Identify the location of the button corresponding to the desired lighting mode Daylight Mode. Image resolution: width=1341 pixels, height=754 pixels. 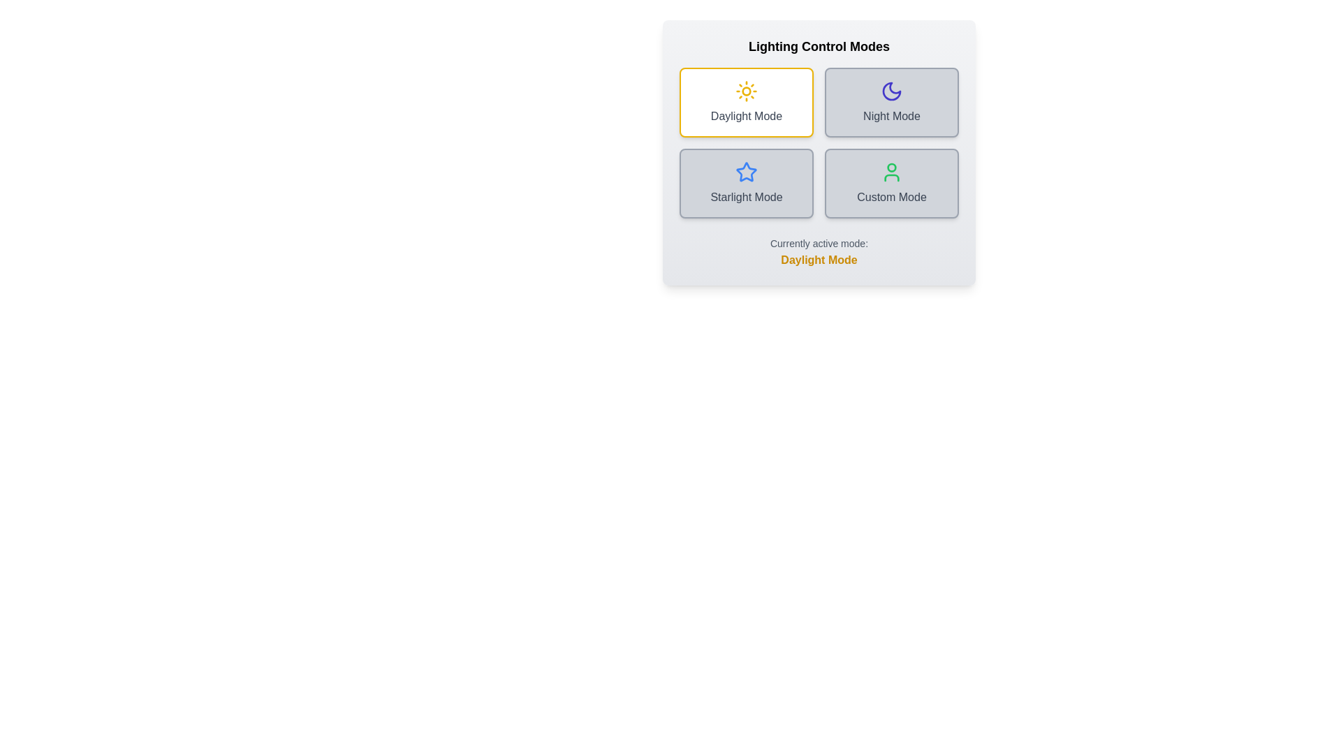
(746, 101).